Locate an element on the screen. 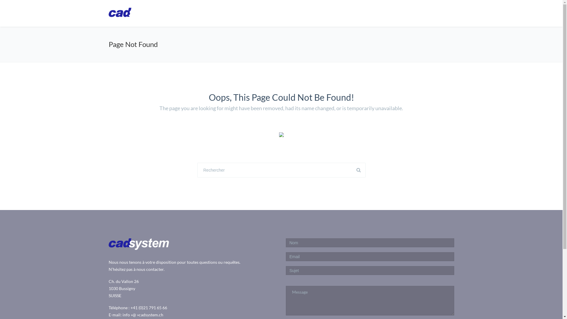  'Homepage' is located at coordinates (266, 13).